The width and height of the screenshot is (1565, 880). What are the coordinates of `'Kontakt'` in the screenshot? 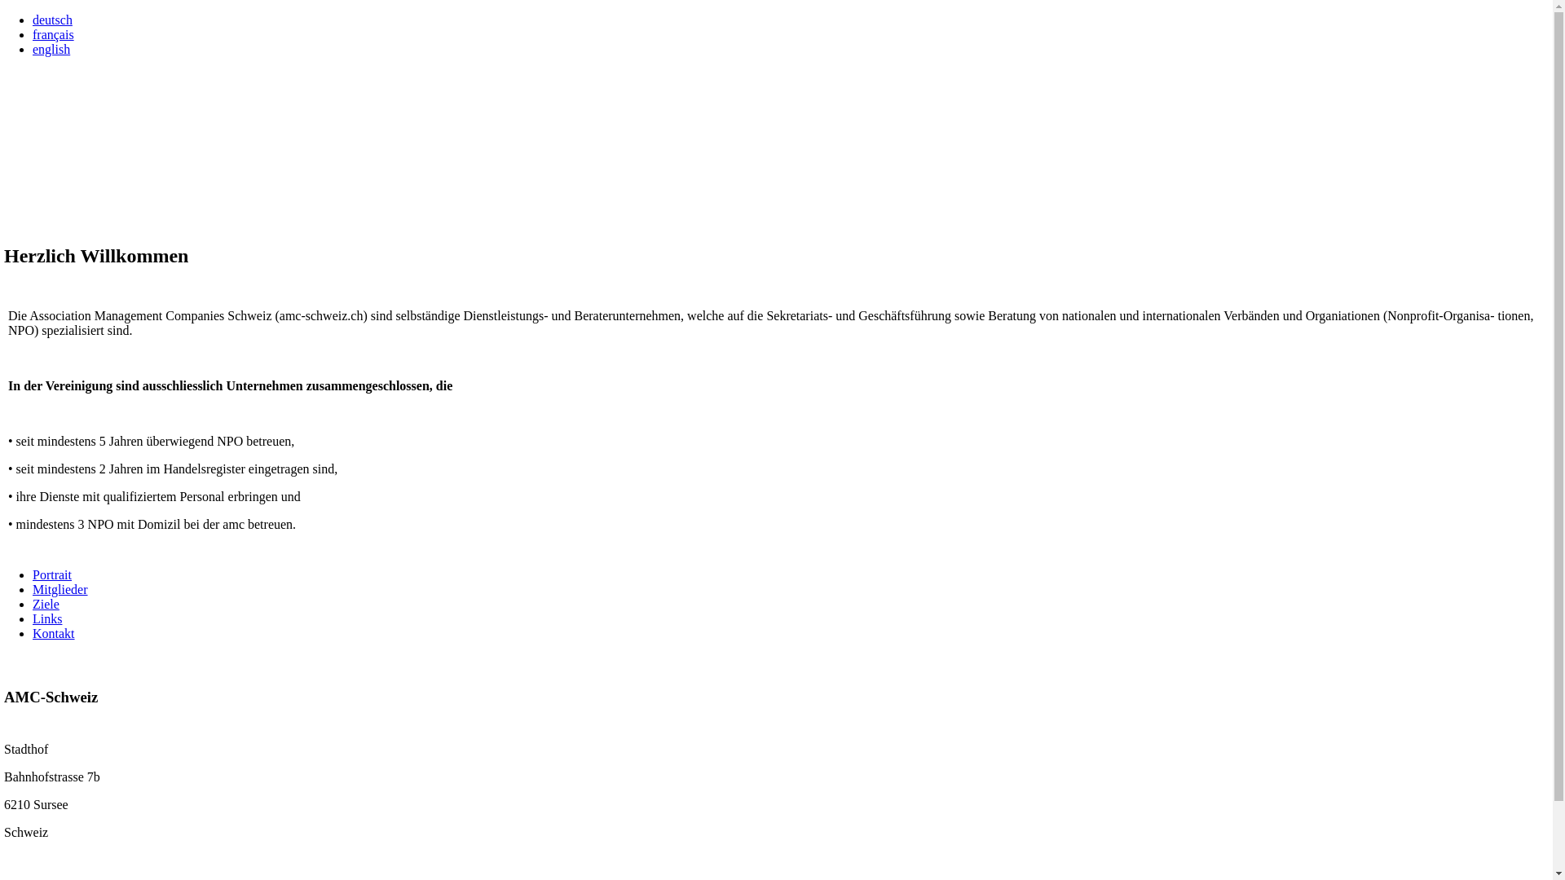 It's located at (54, 632).